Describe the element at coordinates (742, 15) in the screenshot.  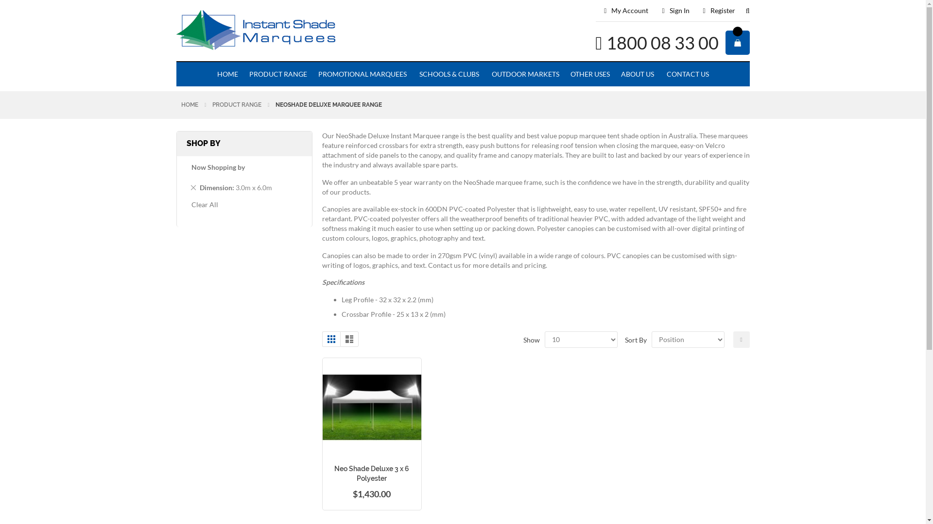
I see `'Search'` at that location.